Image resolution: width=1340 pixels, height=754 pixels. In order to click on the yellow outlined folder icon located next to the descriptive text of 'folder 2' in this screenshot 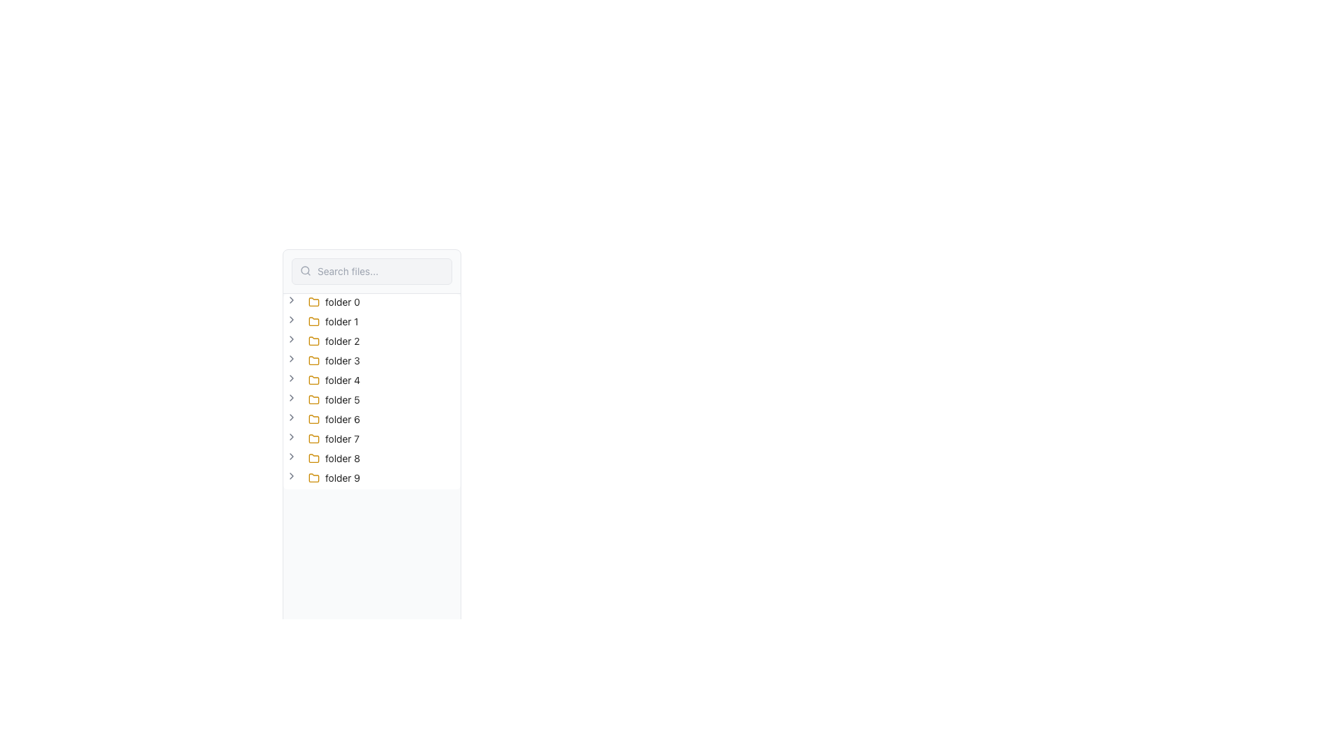, I will do `click(313, 341)`.